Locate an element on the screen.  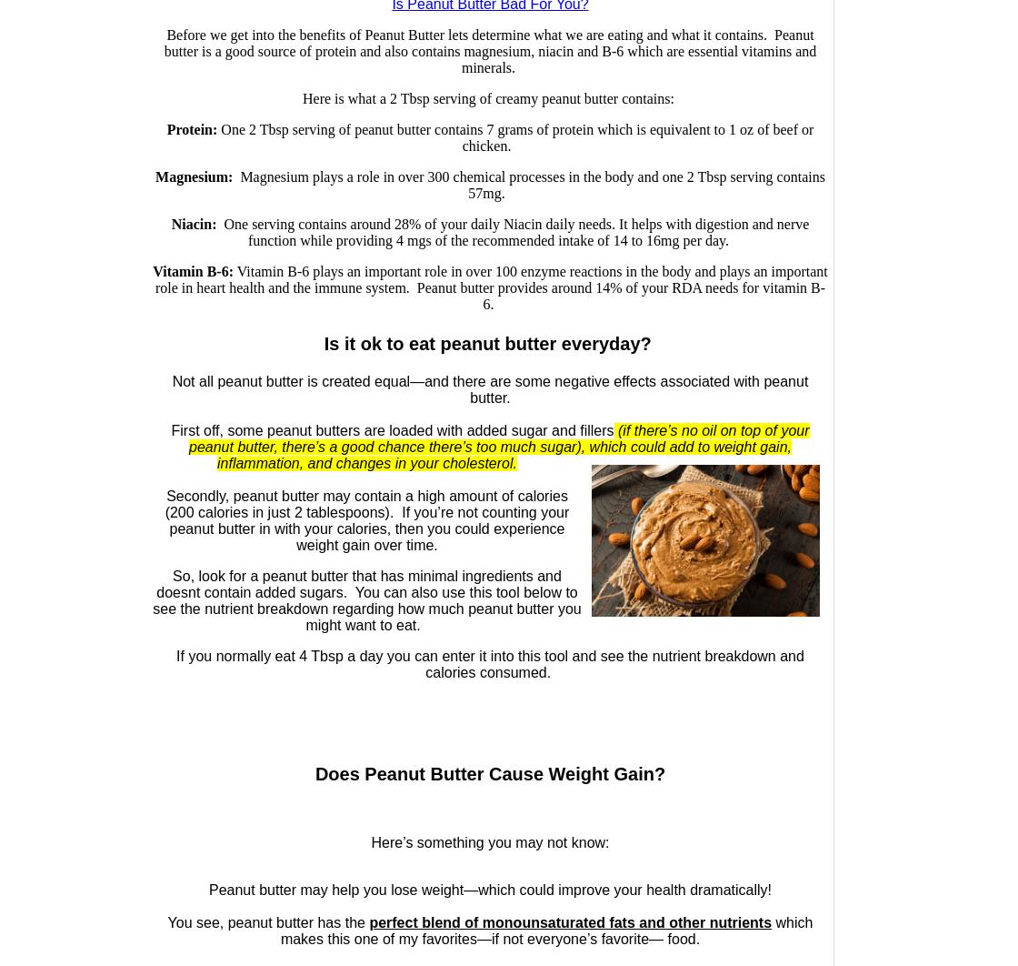
'Vitamin B-6:' is located at coordinates (193, 270).